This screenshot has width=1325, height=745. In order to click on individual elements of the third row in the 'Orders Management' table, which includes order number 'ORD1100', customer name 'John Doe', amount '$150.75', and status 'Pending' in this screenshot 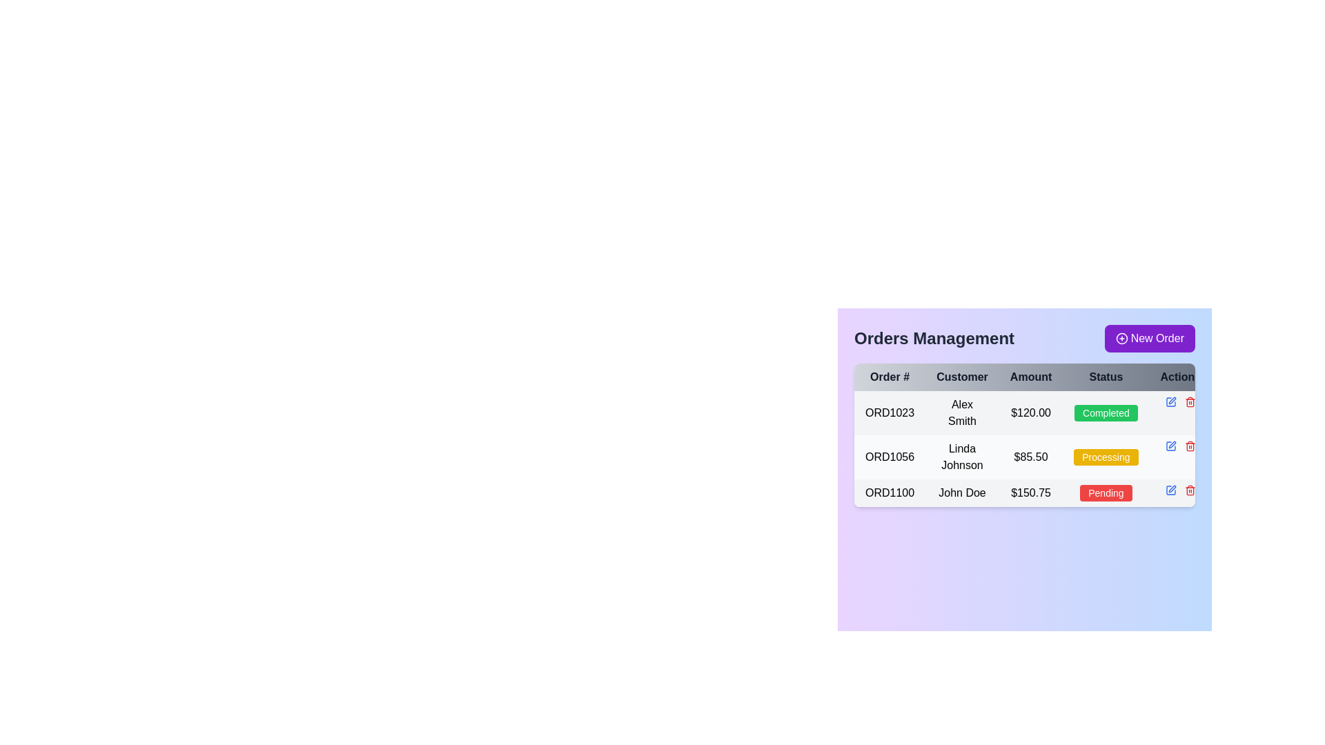, I will do `click(1033, 492)`.